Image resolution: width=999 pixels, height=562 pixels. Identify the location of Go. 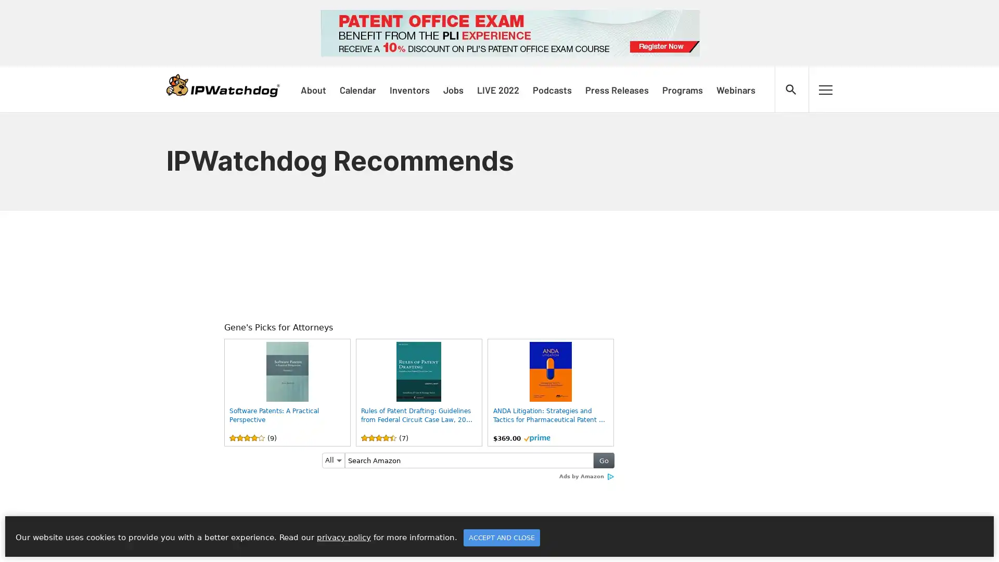
(604, 459).